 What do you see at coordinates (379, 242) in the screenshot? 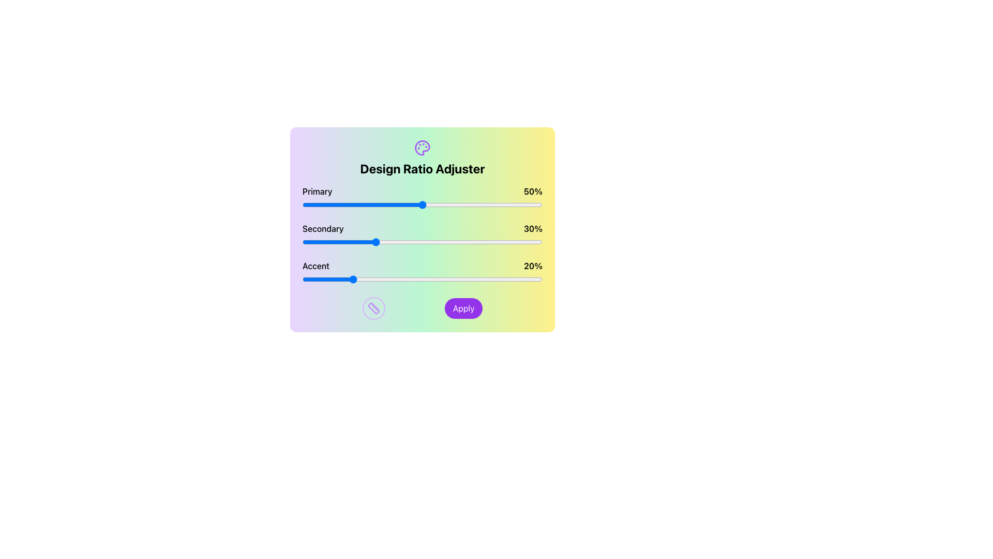
I see `the slider` at bounding box center [379, 242].